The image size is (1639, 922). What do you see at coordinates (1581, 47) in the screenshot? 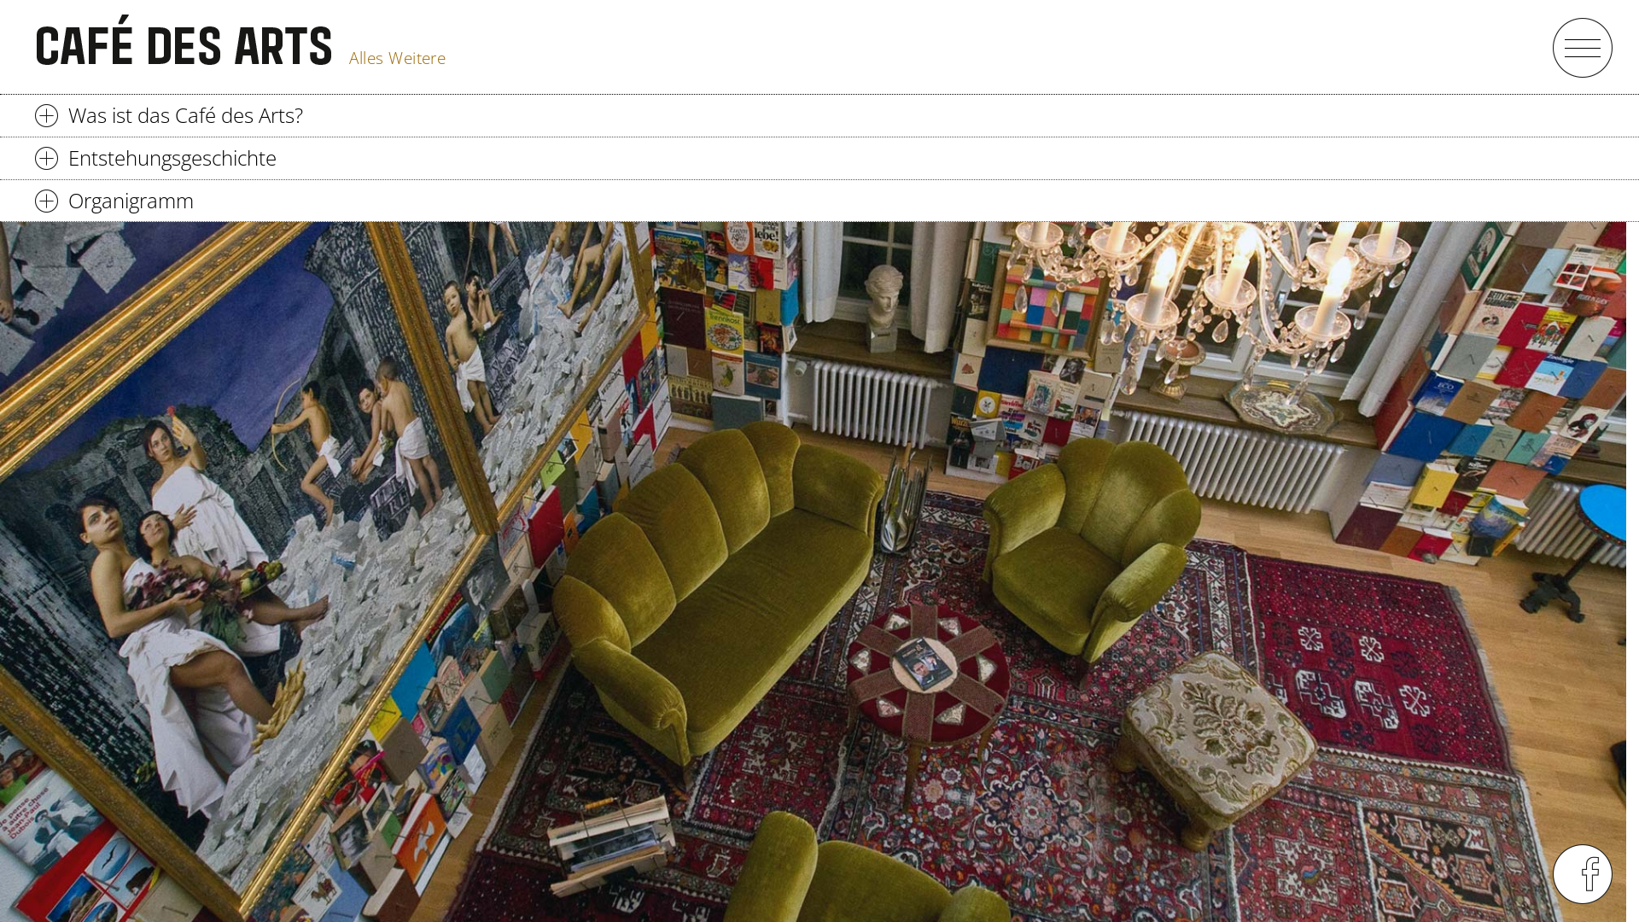
I see `'menu'` at bounding box center [1581, 47].